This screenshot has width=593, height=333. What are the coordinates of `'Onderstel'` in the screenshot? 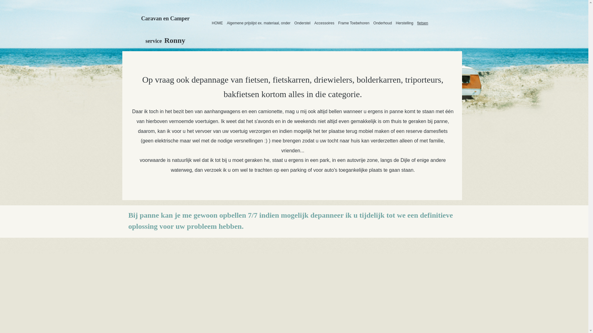 It's located at (302, 23).